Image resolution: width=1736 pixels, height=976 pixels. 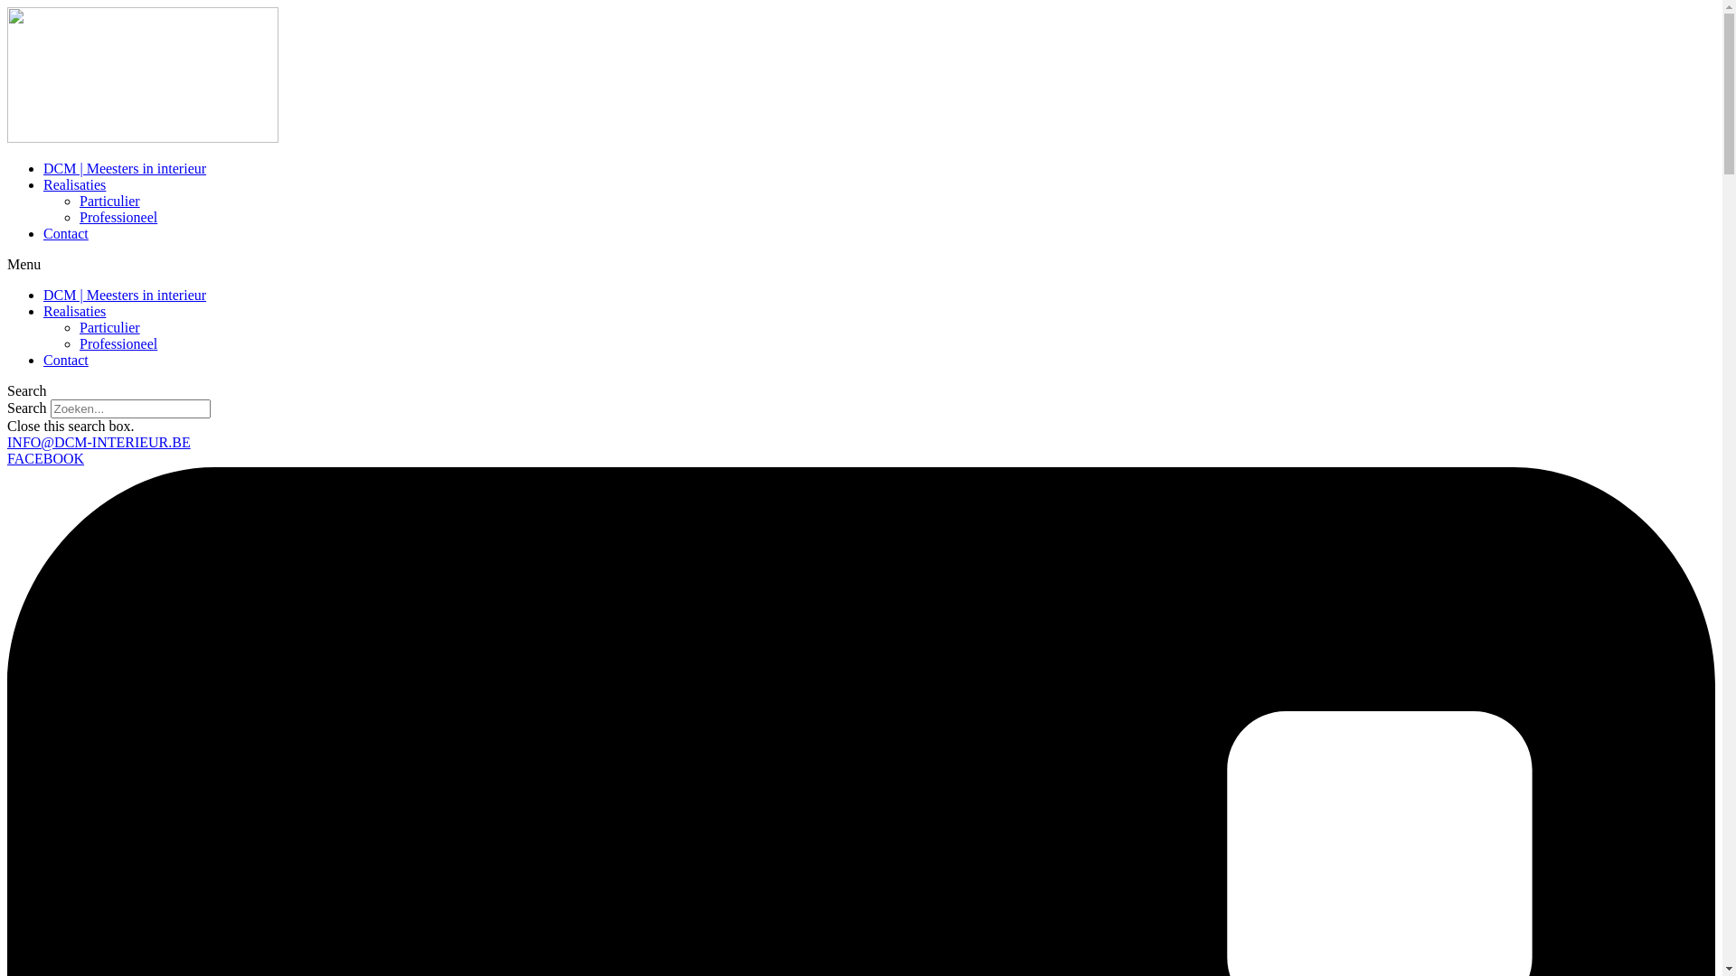 What do you see at coordinates (108, 327) in the screenshot?
I see `'Particulier'` at bounding box center [108, 327].